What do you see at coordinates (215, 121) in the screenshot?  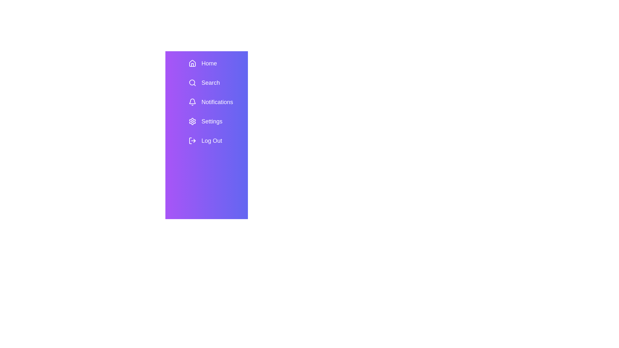 I see `the menu item Settings in the SidebarMenu` at bounding box center [215, 121].